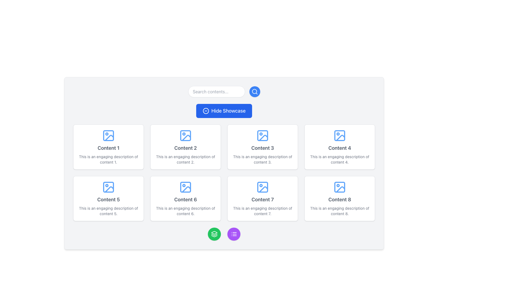  Describe the element at coordinates (108, 147) in the screenshot. I see `the Content Card representing 'Content 1', which is the first item in a 2x4 grid layout, located in the top-left corner` at that location.